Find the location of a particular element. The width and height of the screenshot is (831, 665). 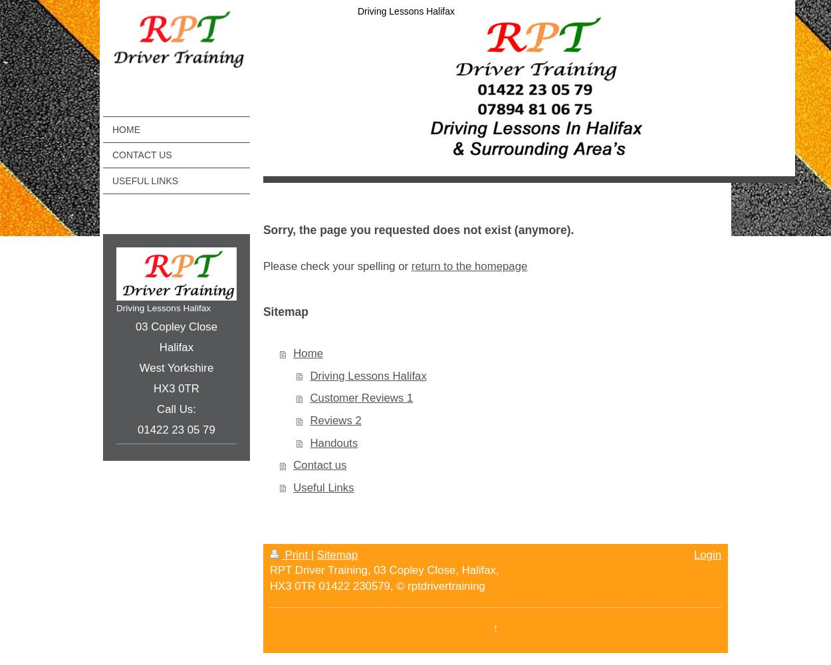

'Halifax' is located at coordinates (176, 346).